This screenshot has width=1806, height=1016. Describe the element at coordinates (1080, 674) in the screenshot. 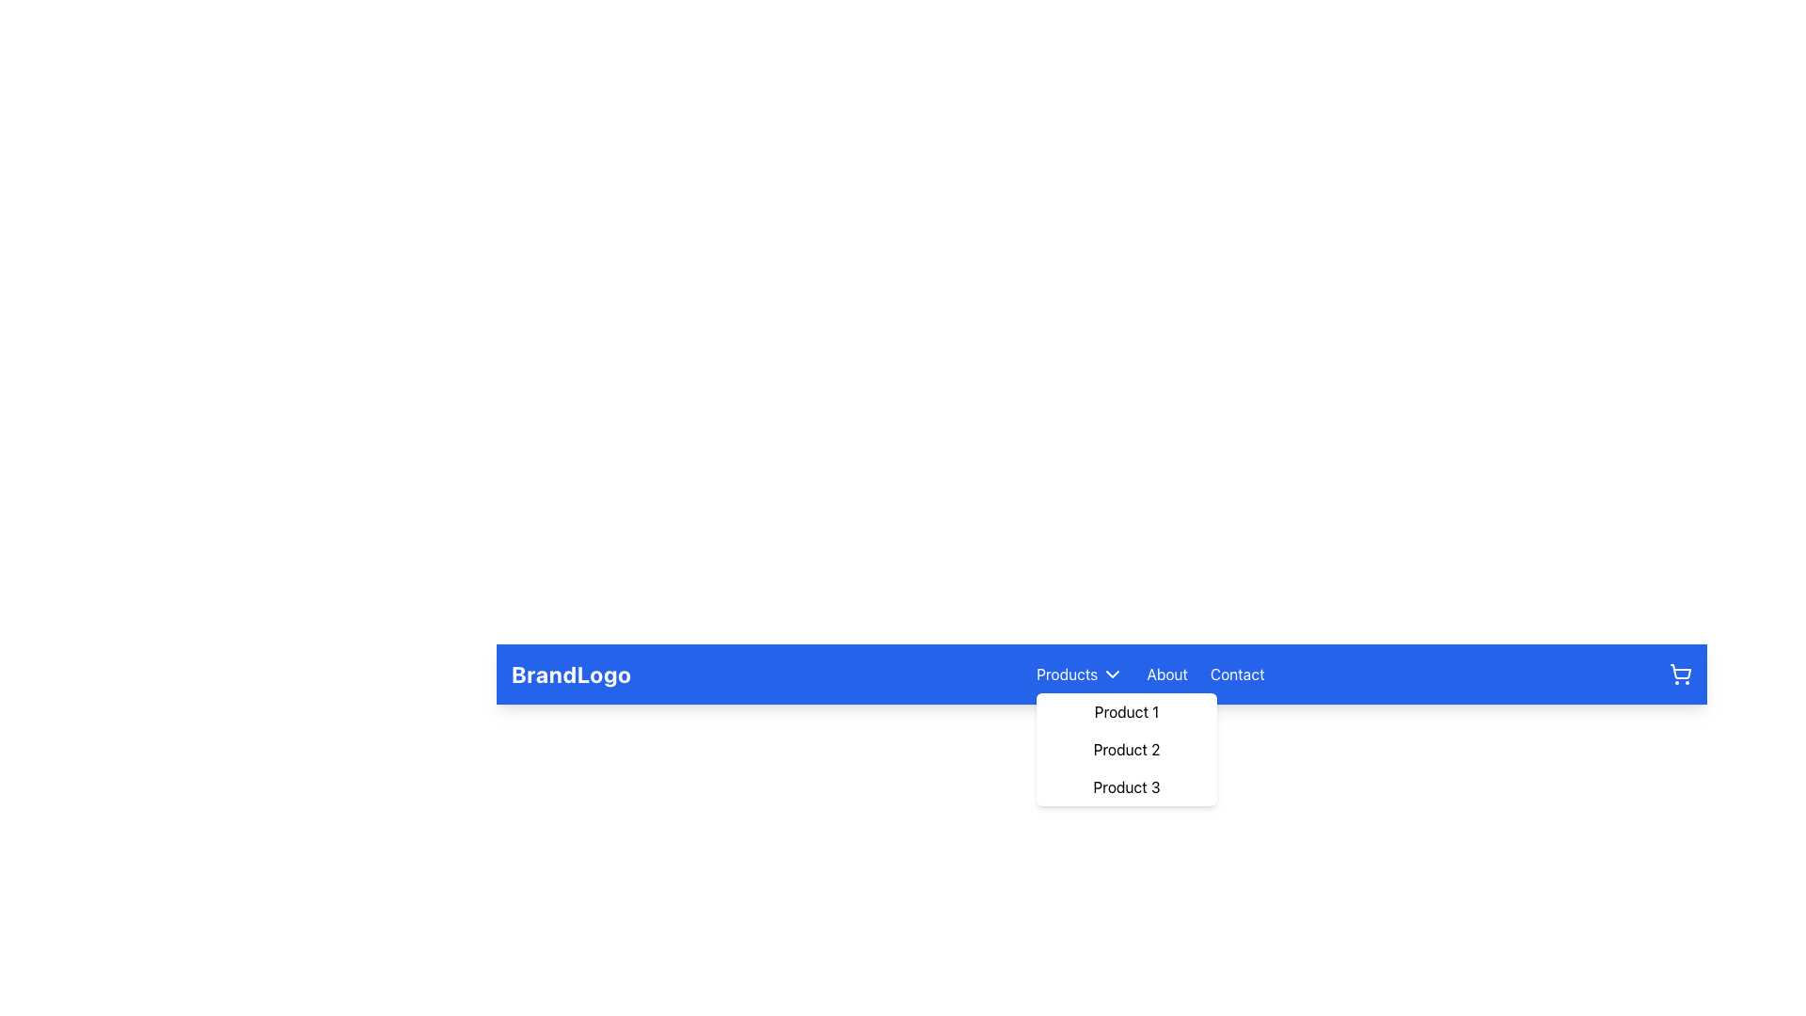

I see `the 'Products' dropdown menu, which is the first menu item in the navigation bar` at that location.